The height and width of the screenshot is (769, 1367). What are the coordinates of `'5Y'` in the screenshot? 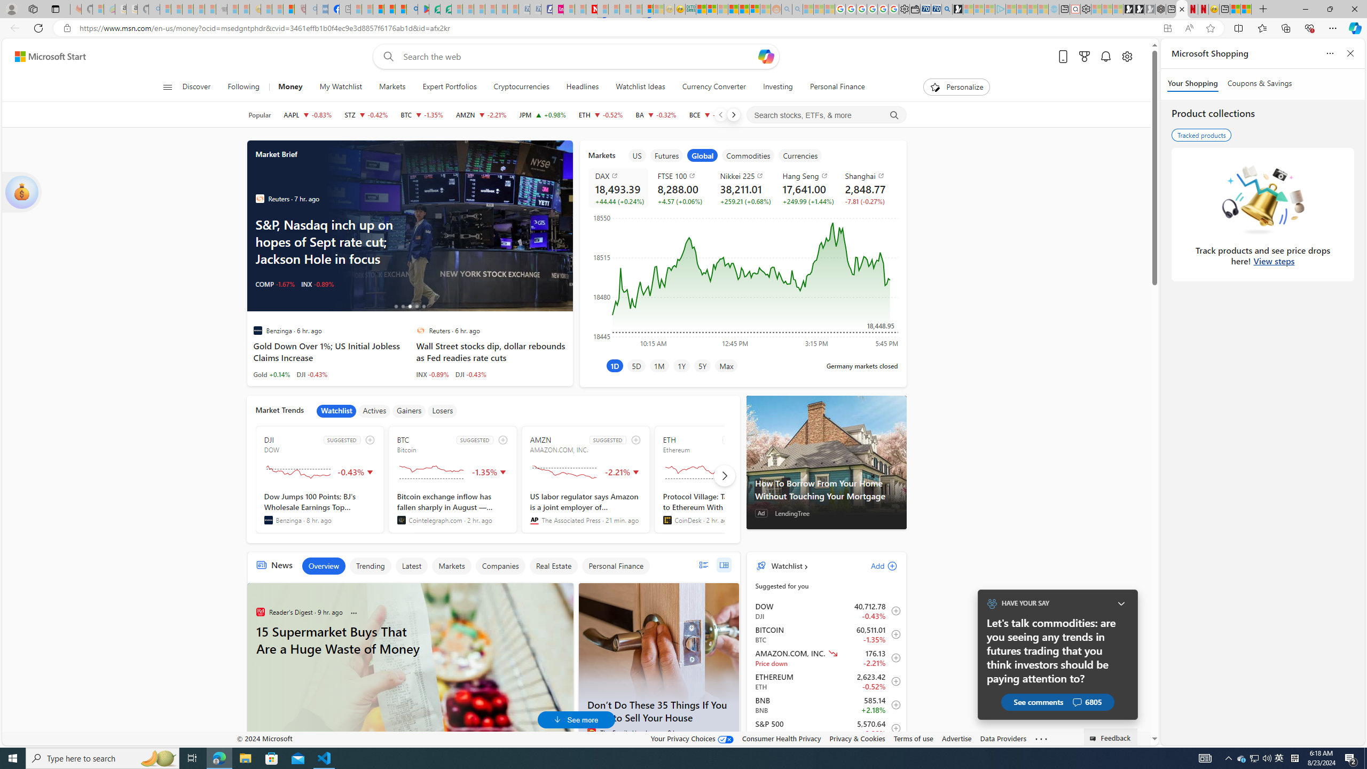 It's located at (701, 365).